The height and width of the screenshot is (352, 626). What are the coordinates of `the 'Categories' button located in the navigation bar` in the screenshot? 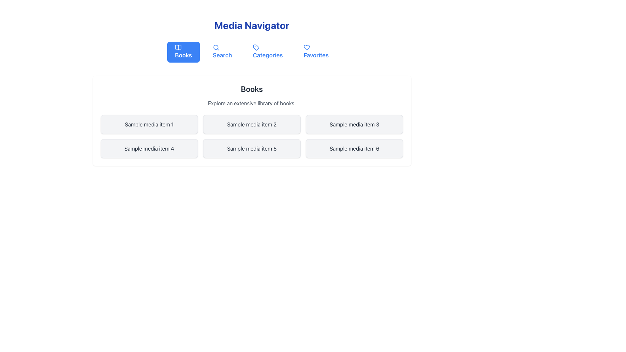 It's located at (268, 51).